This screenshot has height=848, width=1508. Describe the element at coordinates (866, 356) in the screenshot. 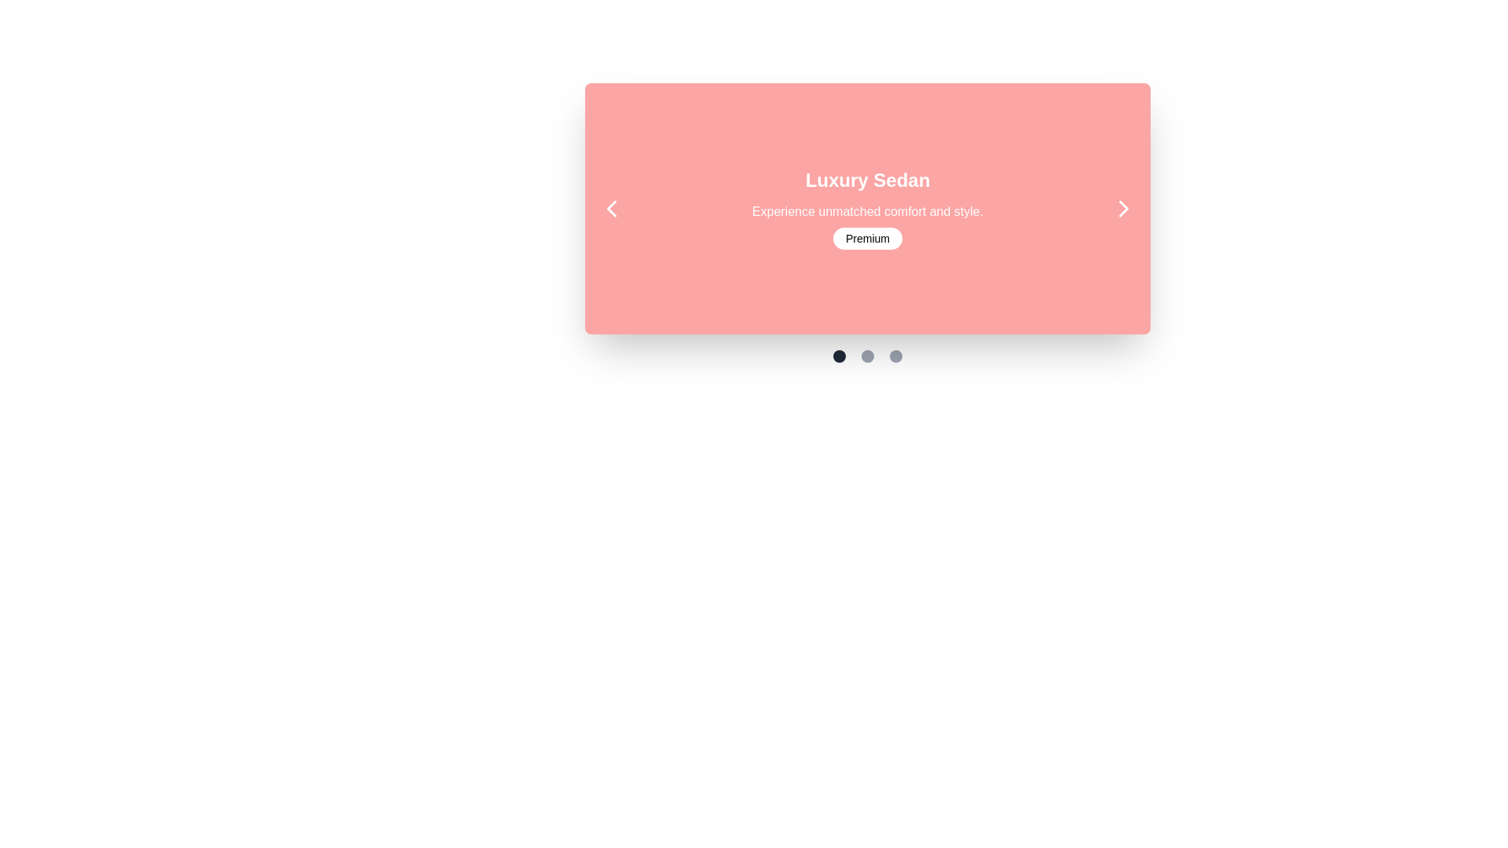

I see `the second circular indicator button, which is a small circular dot with a gray background` at that location.